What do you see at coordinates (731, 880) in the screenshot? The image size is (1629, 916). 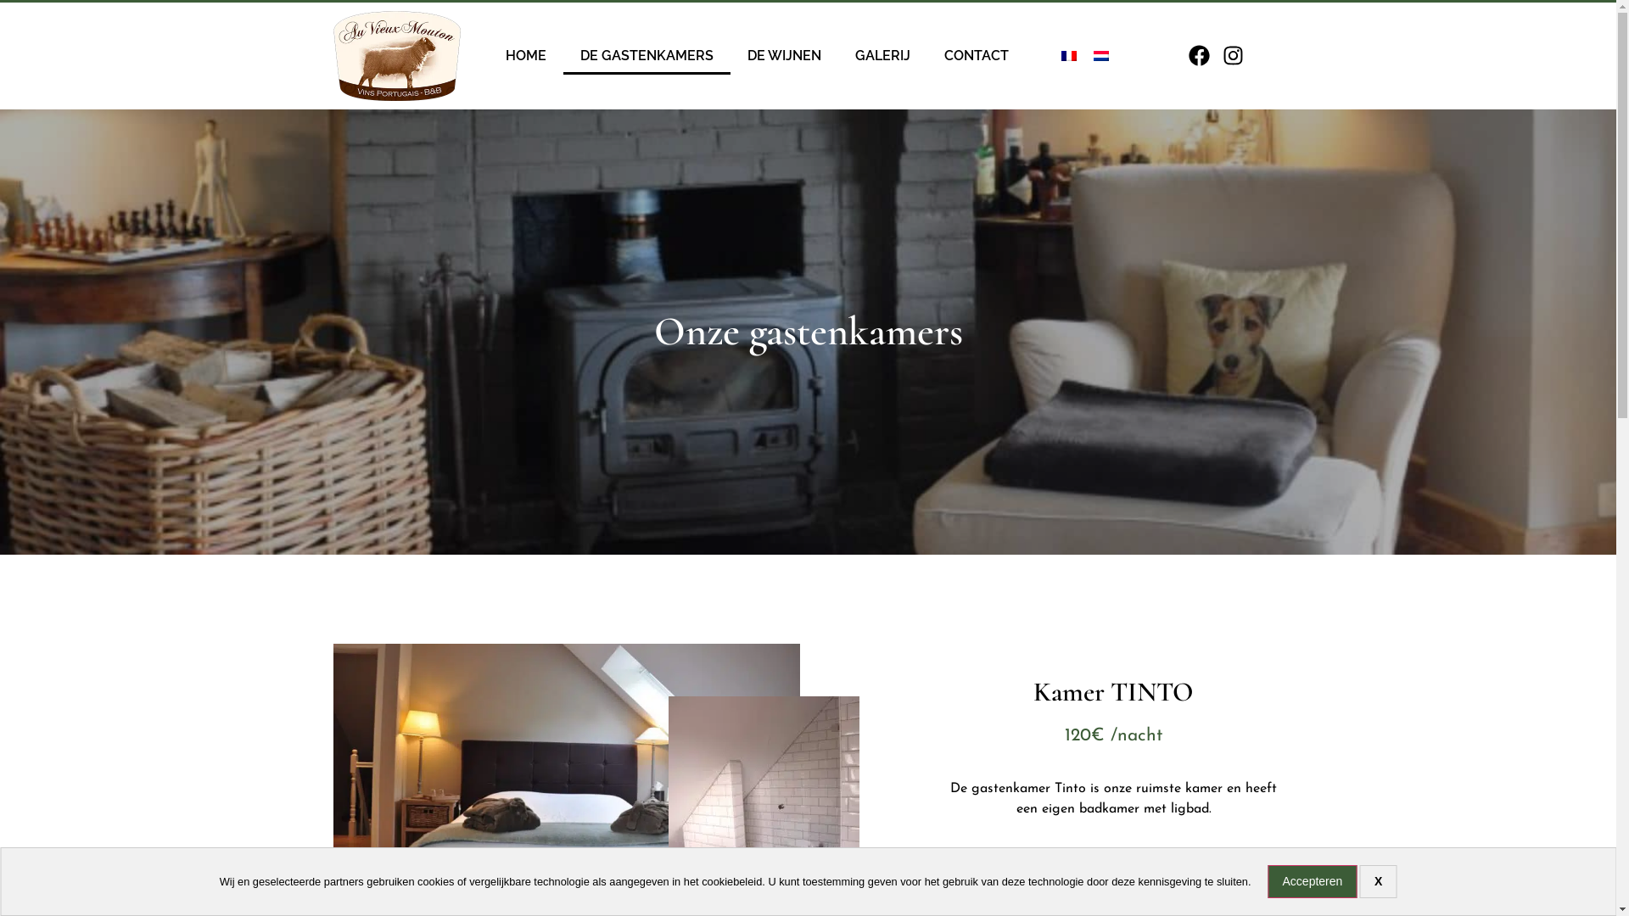 I see `'cookiebeleid'` at bounding box center [731, 880].